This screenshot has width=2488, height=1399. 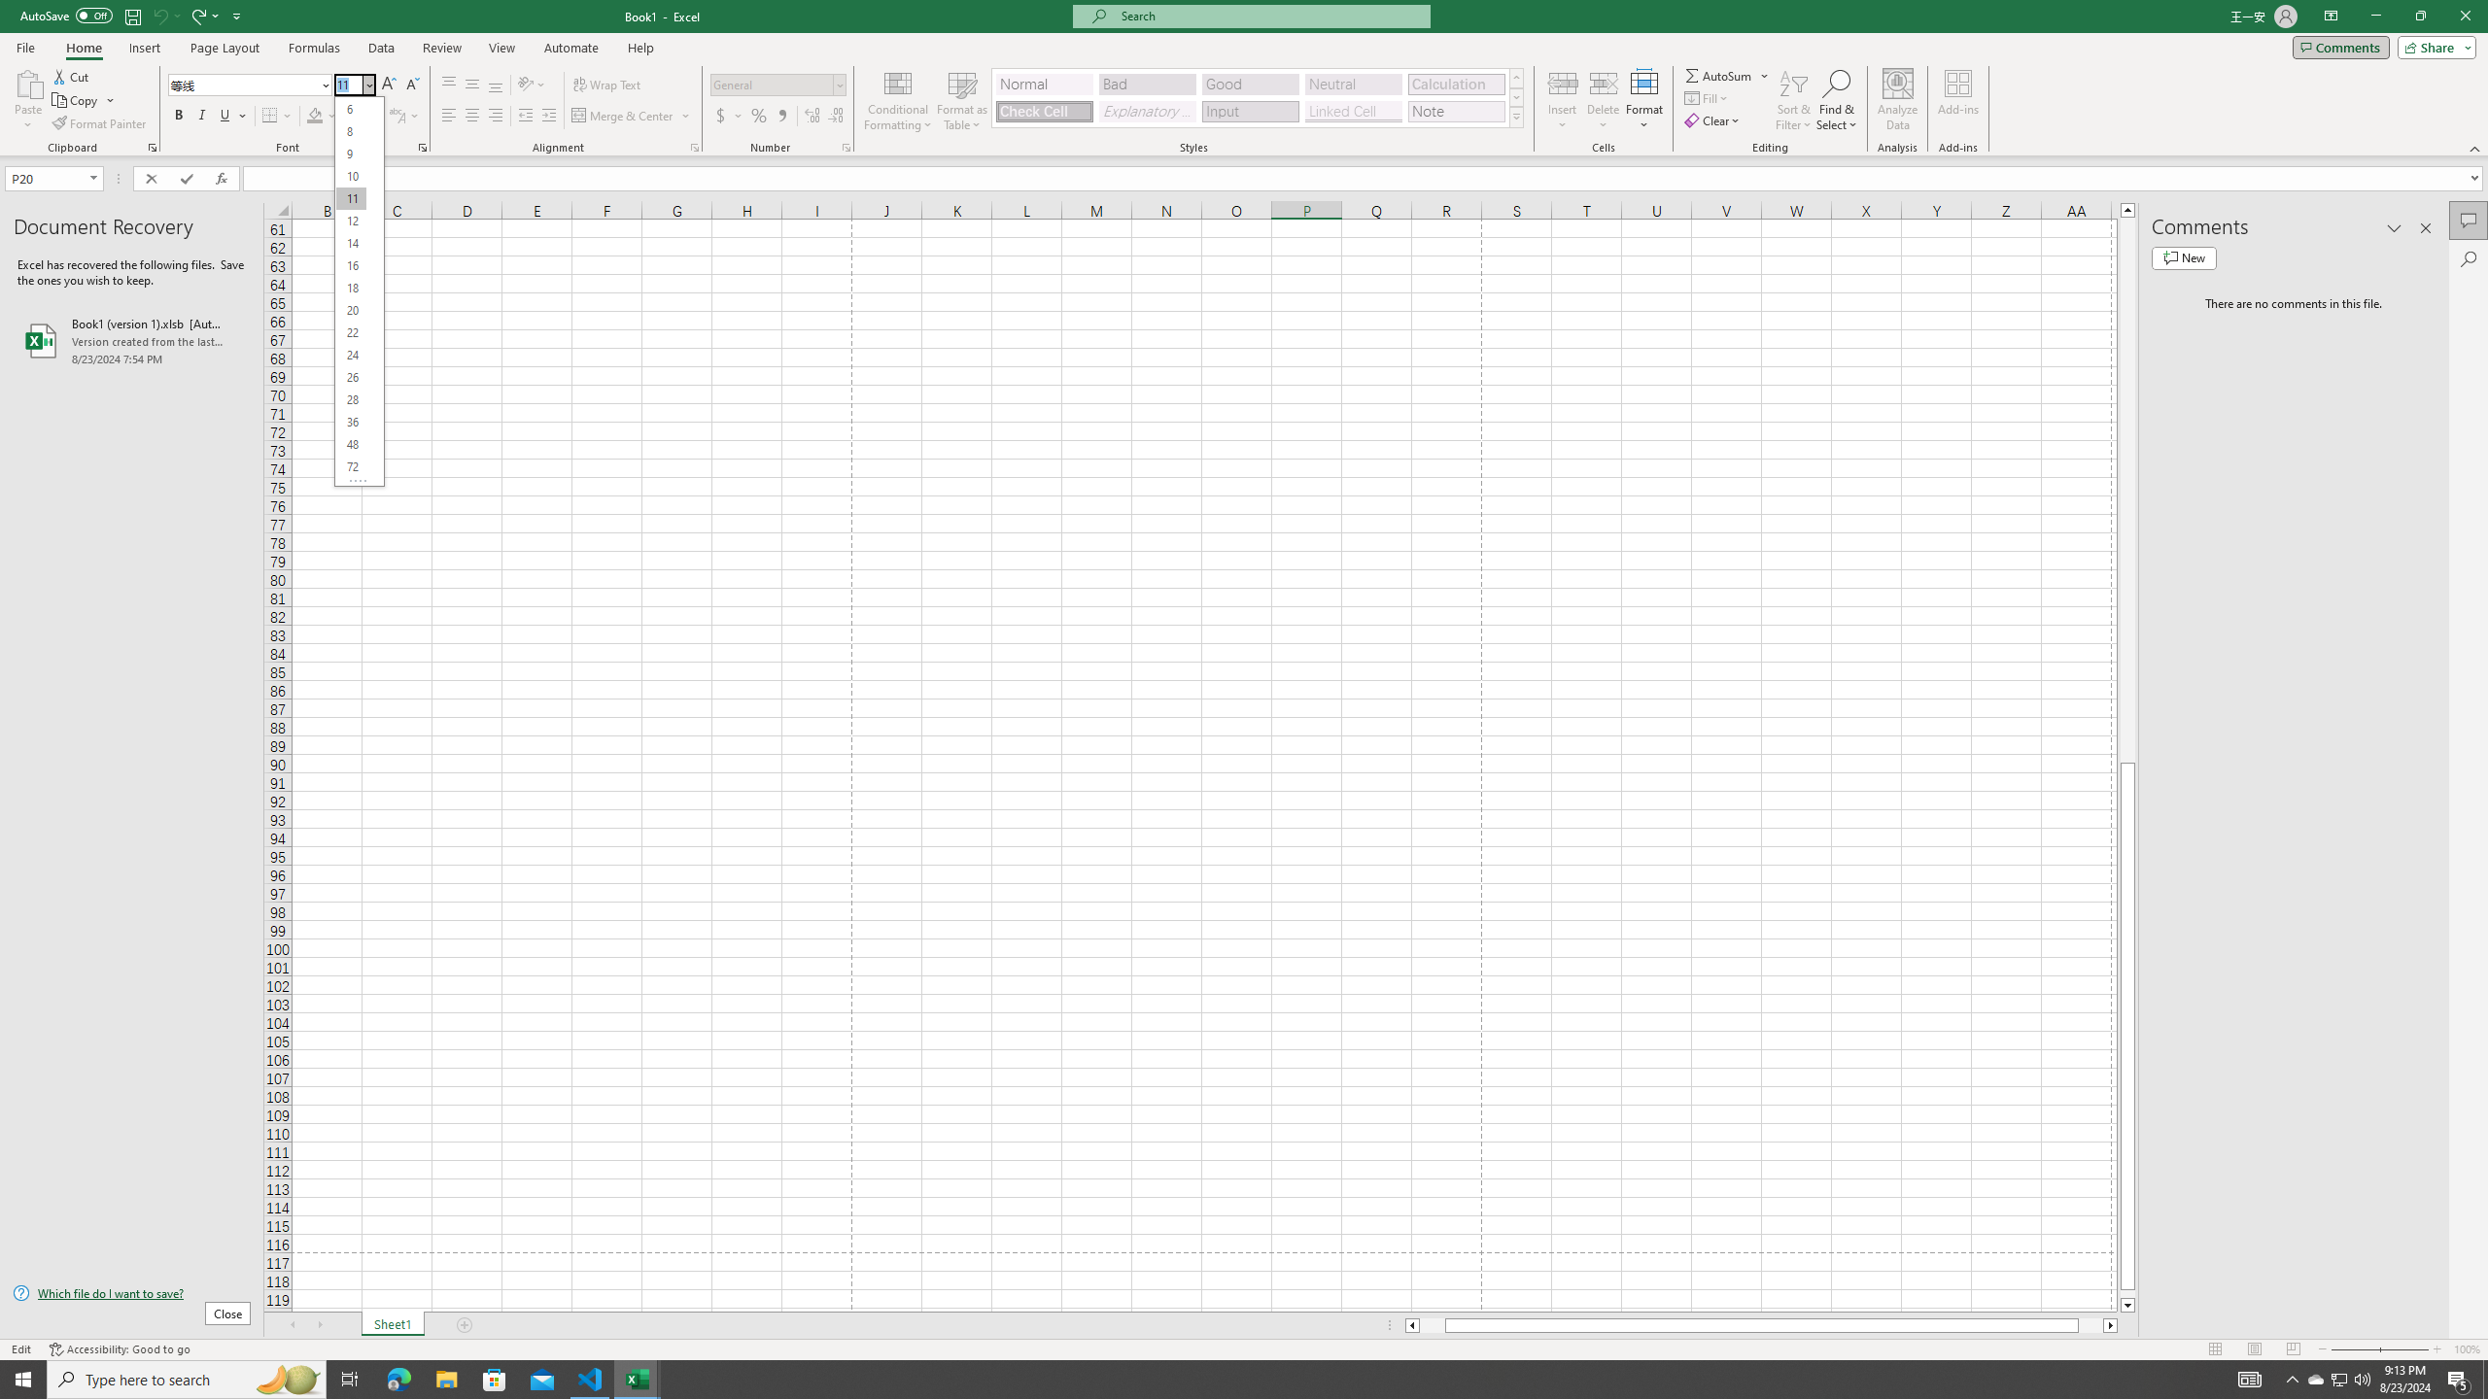 What do you see at coordinates (120, 1349) in the screenshot?
I see `'Accessibility Checker Accessibility: Good to go'` at bounding box center [120, 1349].